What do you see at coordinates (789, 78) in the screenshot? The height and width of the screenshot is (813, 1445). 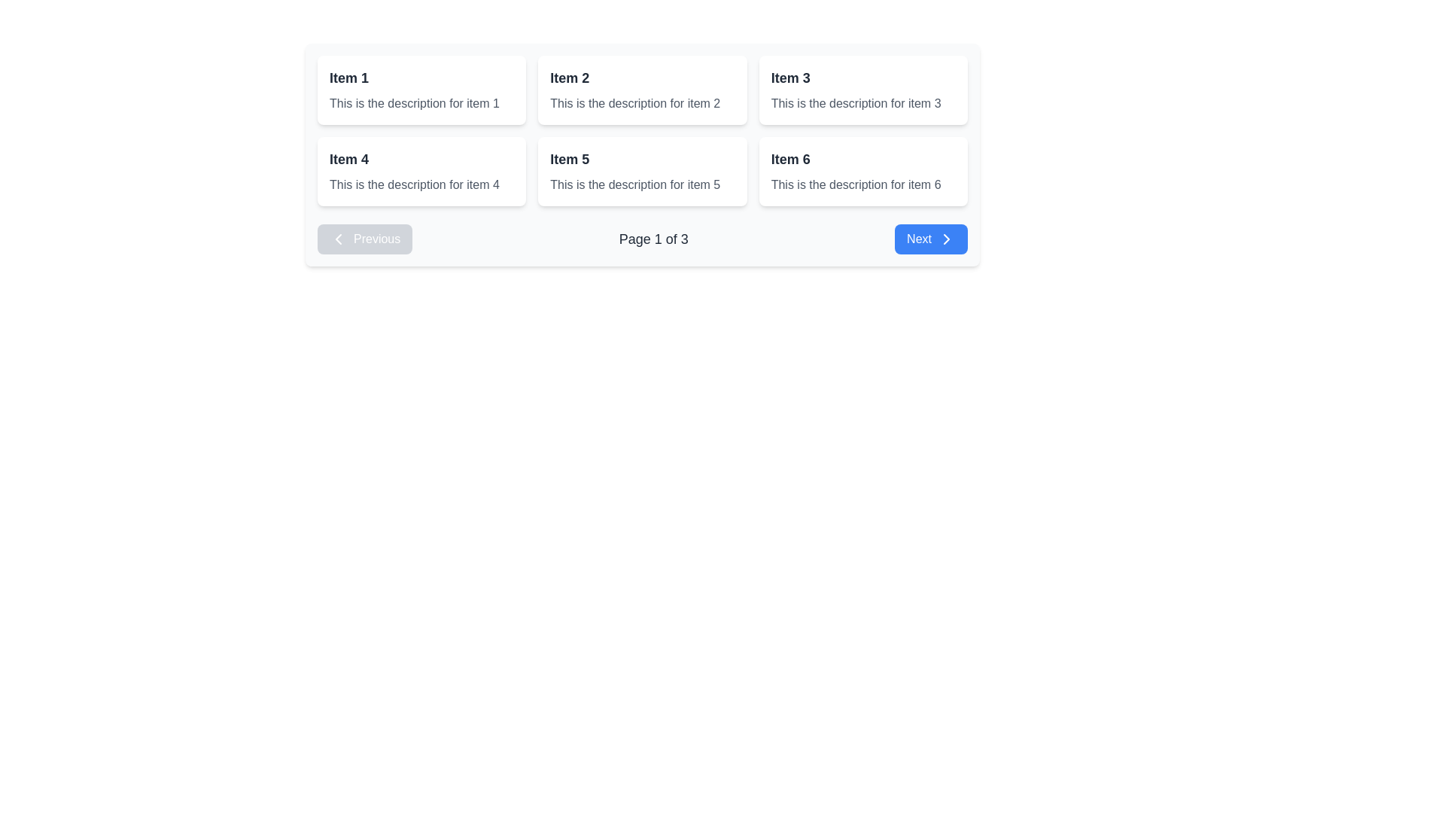 I see `the text label that declares 'Item 3', which is styled in bold, large dark gray font, located at the upper section of the third card in the top-right corner of the grid layout` at bounding box center [789, 78].